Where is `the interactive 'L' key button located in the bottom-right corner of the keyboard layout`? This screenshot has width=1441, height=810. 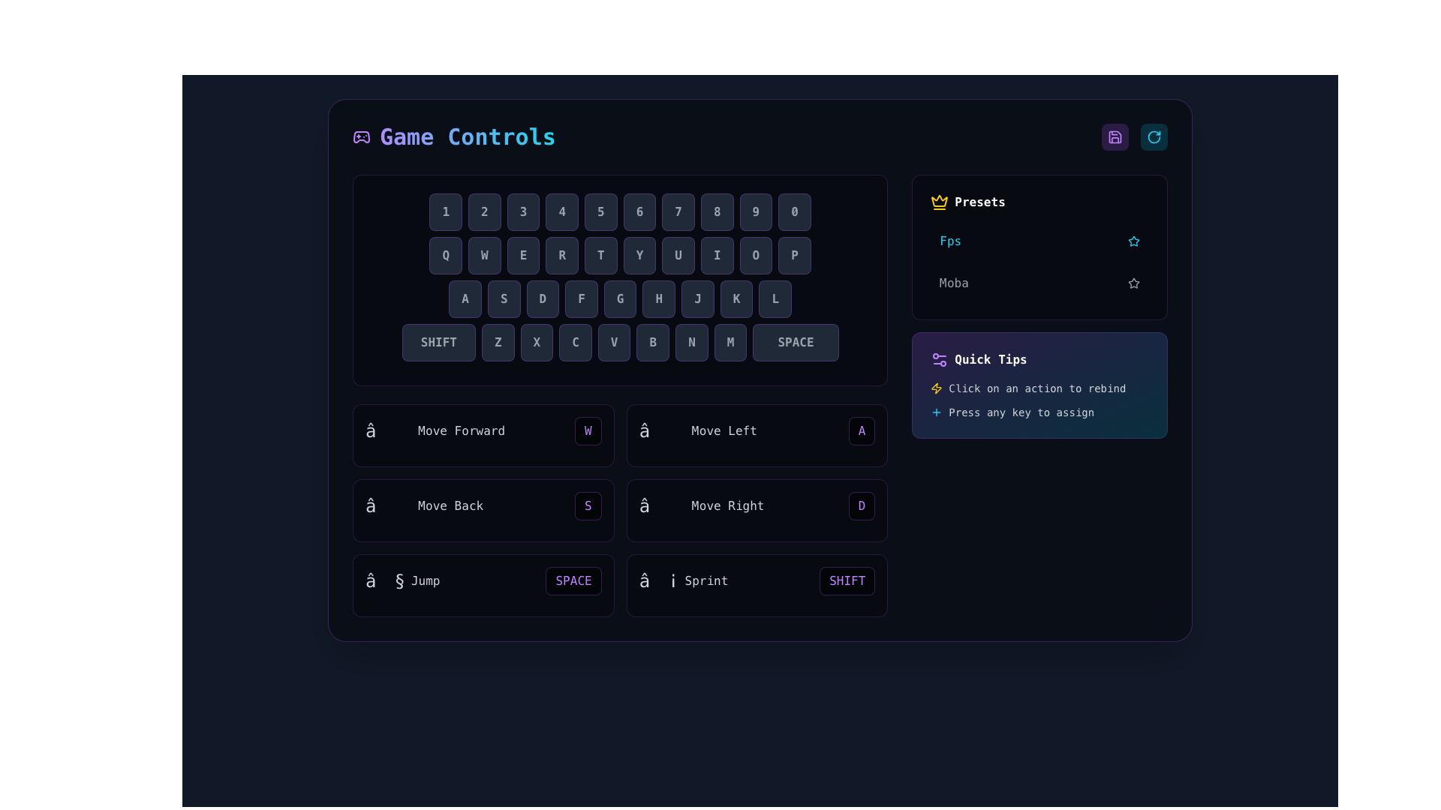 the interactive 'L' key button located in the bottom-right corner of the keyboard layout is located at coordinates (775, 298).